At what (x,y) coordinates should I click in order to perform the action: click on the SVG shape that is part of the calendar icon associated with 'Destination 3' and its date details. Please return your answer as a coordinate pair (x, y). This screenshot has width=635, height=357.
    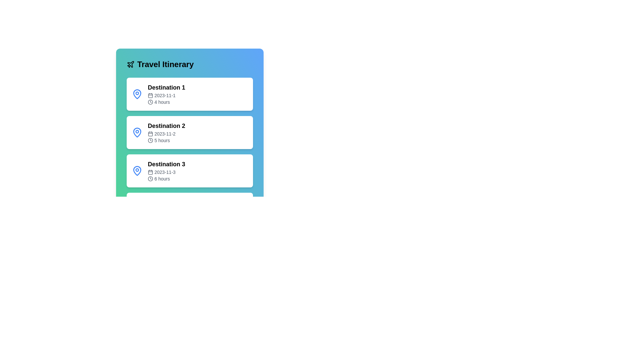
    Looking at the image, I should click on (150, 172).